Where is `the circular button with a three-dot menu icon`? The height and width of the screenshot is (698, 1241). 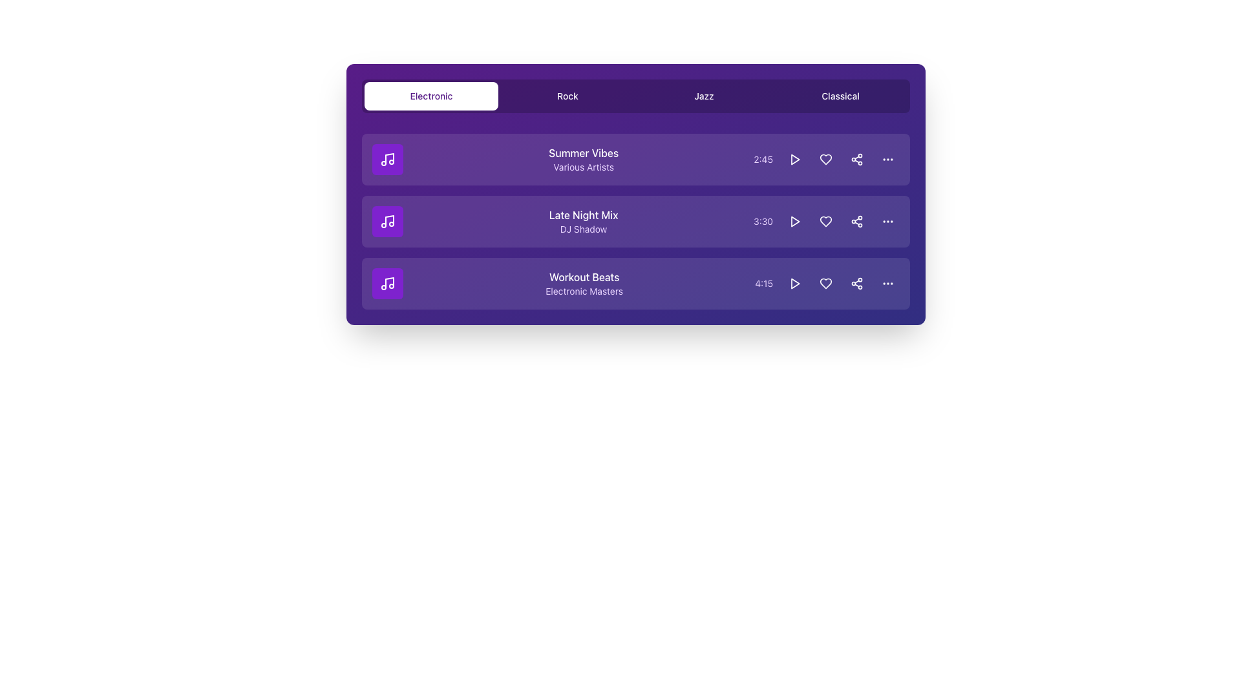
the circular button with a three-dot menu icon is located at coordinates (887, 283).